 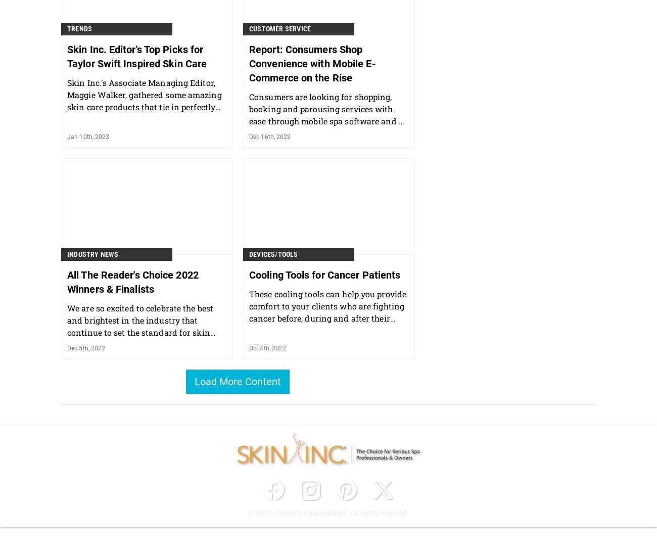 I want to click on 'Report: Consumers Shop Convenience with Mobile E-Commerce on the Rise', so click(x=312, y=63).